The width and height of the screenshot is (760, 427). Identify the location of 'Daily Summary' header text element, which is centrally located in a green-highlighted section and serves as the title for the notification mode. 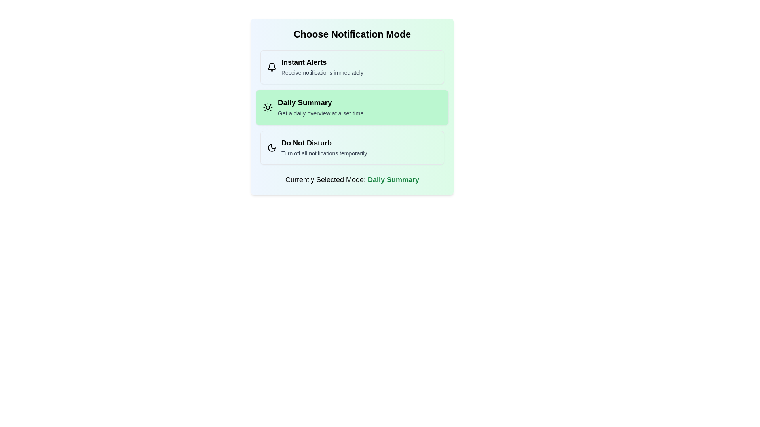
(321, 102).